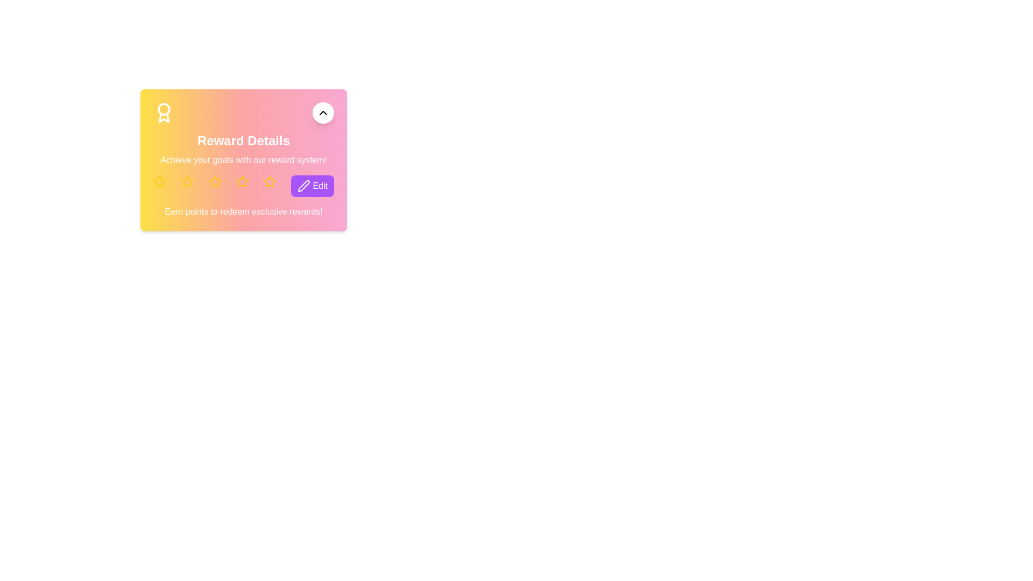 The height and width of the screenshot is (581, 1033). Describe the element at coordinates (303, 186) in the screenshot. I see `the edit icon located in the middle-right section of the reward details card to modify the associated reward details or settings` at that location.